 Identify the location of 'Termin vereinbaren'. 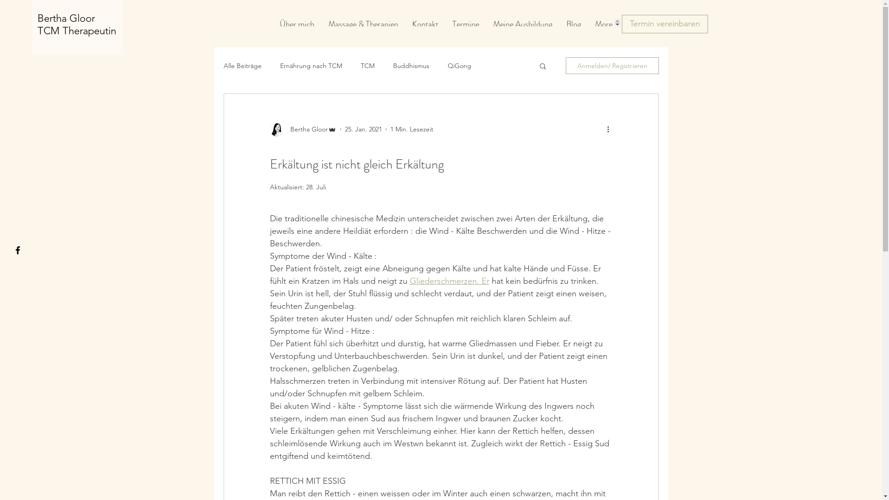
(664, 23).